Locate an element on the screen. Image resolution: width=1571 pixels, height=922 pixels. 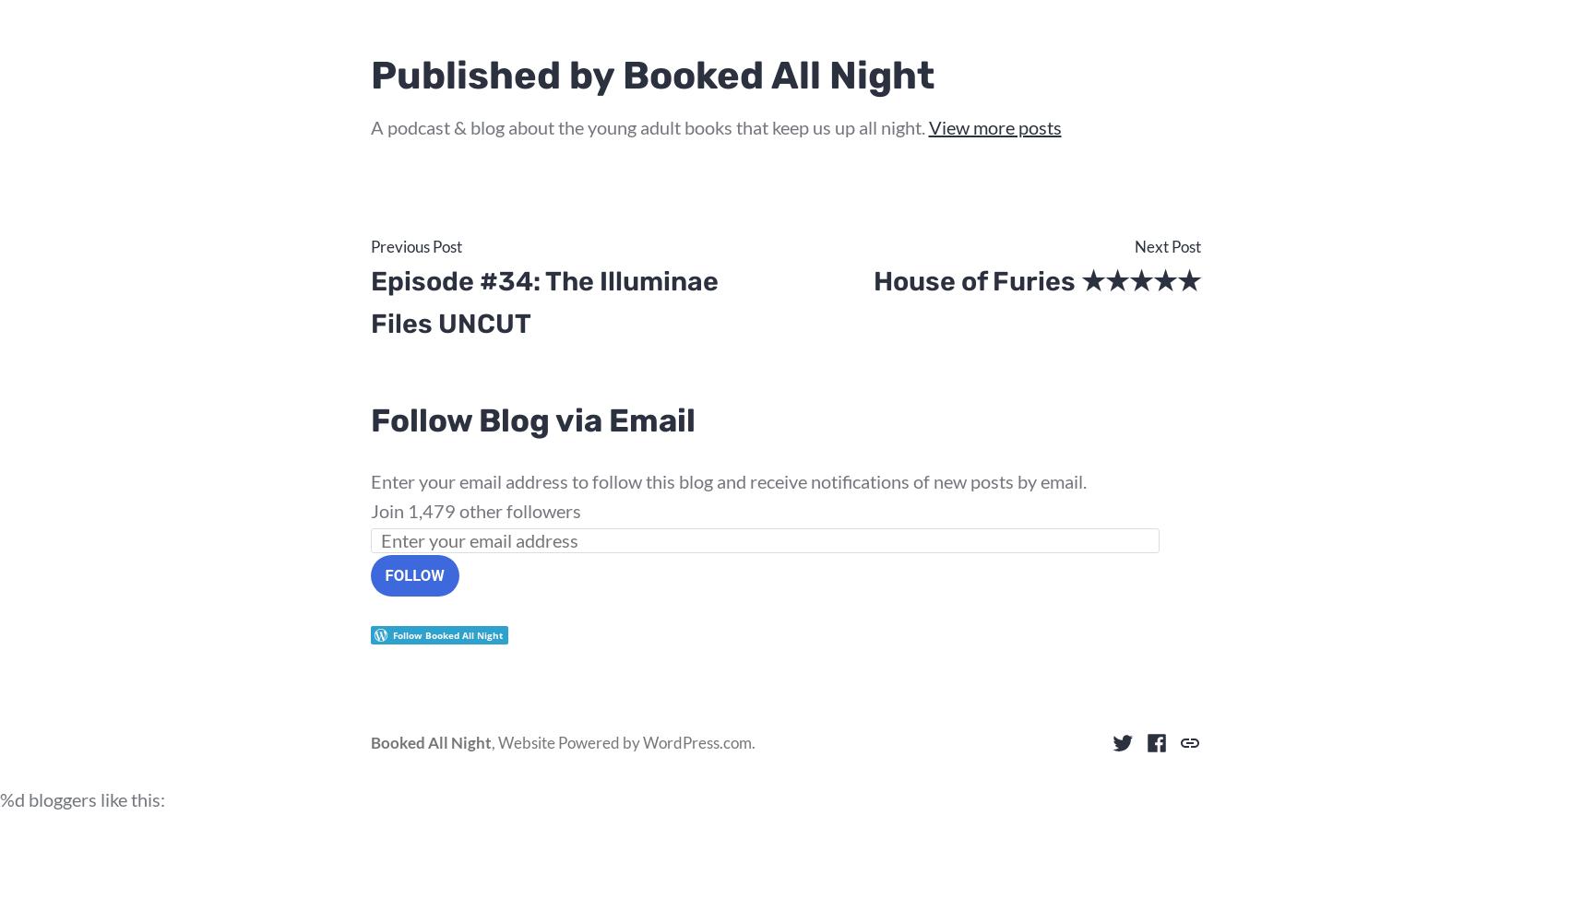
'Published by Booked All Night' is located at coordinates (370, 74).